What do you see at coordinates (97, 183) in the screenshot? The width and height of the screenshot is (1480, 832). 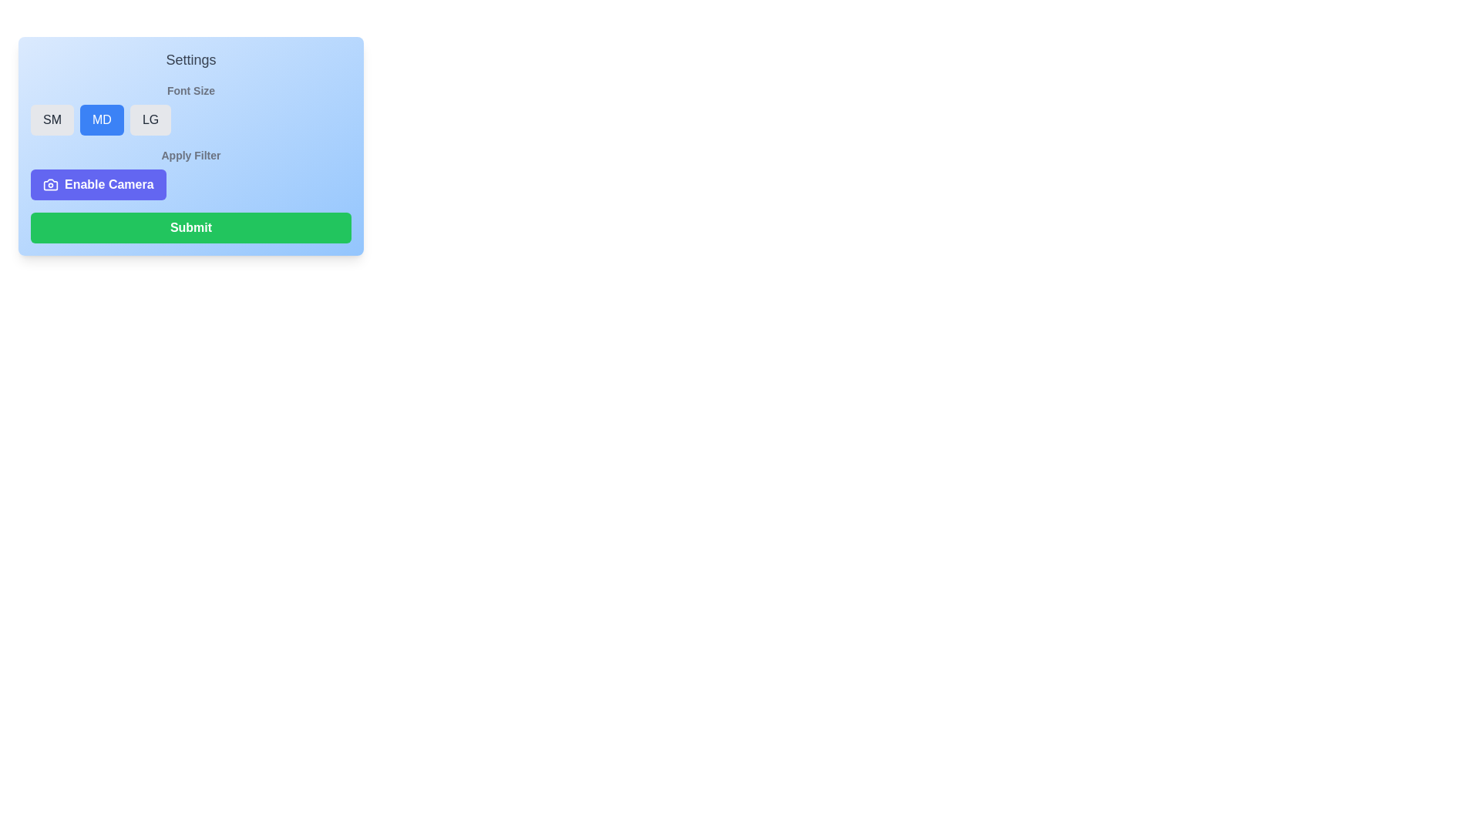 I see `the button with a purple background and white text reading 'Enable Camera', located in the settings panel above the green 'Submit' button` at bounding box center [97, 183].